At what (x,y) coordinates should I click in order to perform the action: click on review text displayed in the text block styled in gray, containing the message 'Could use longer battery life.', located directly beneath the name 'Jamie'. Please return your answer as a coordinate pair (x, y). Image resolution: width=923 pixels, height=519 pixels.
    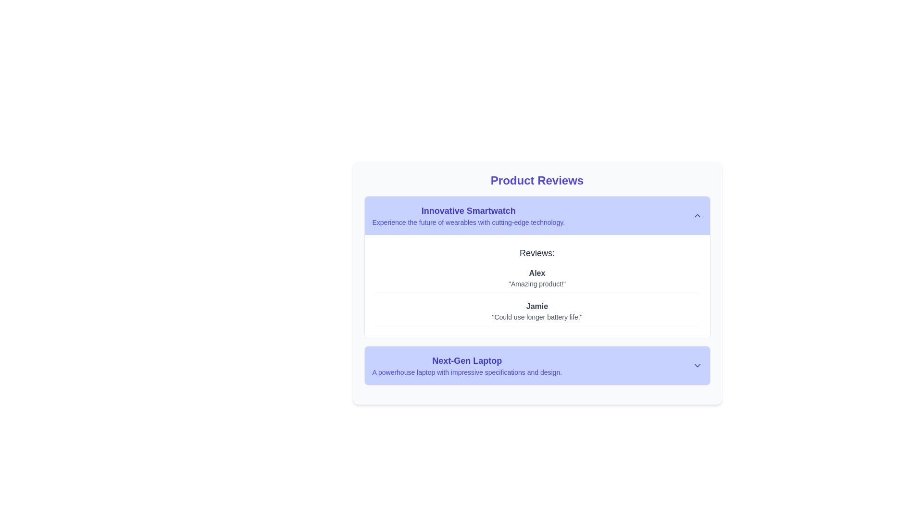
    Looking at the image, I should click on (536, 317).